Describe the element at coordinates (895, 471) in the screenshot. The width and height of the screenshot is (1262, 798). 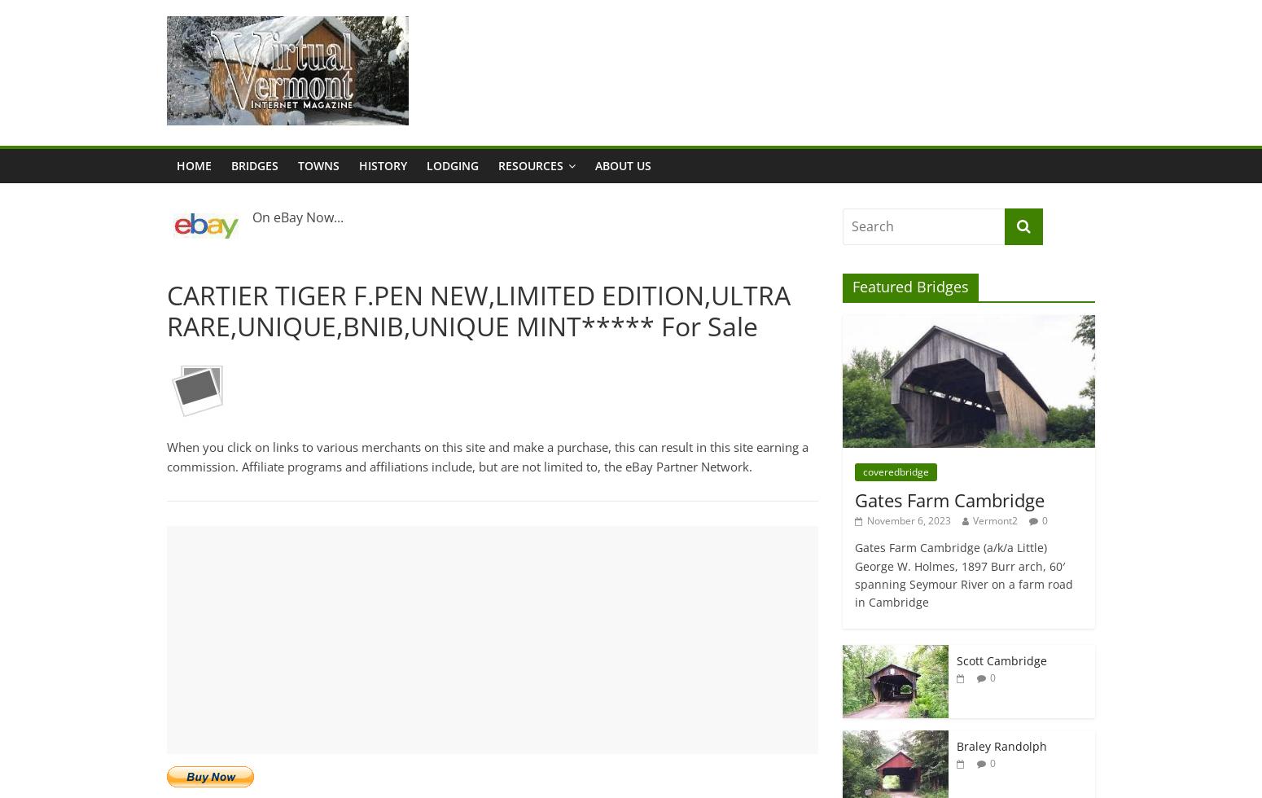
I see `'coveredbridge'` at that location.